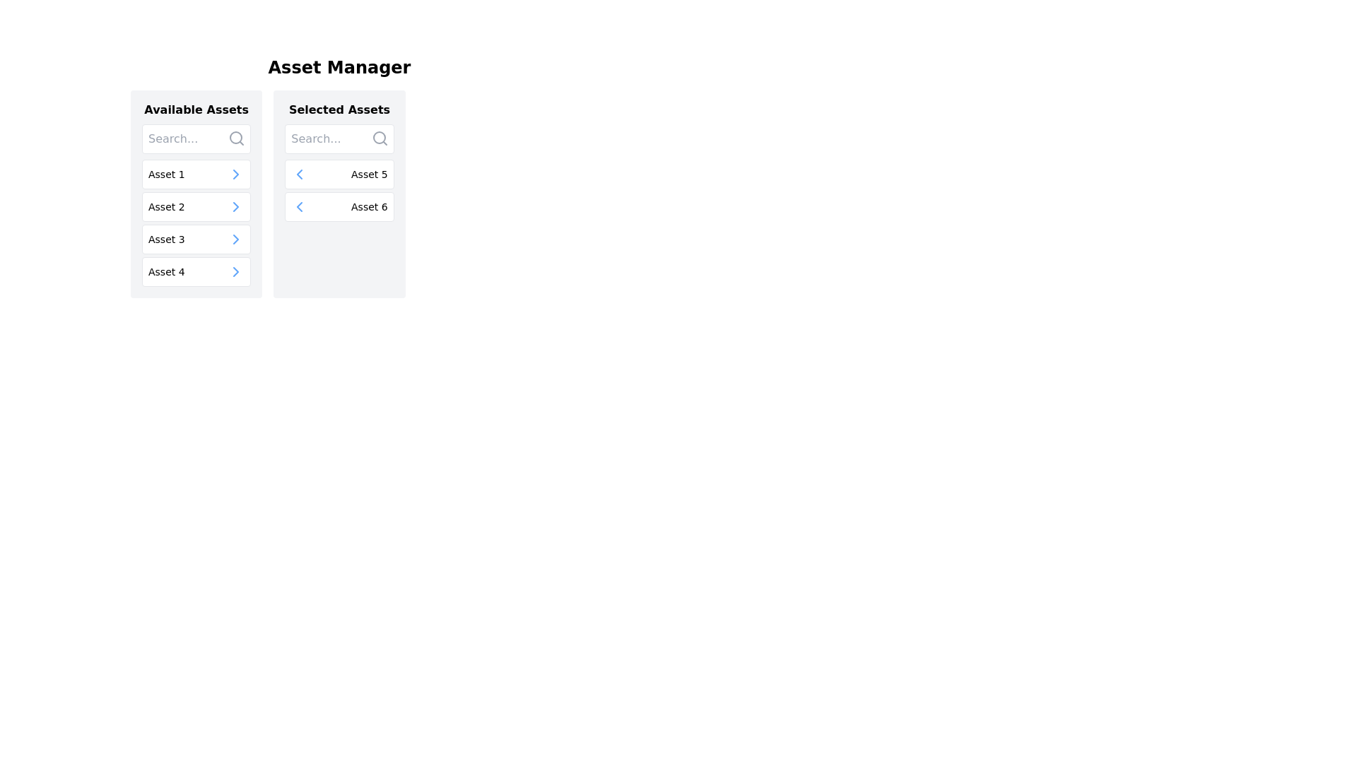 This screenshot has width=1357, height=763. What do you see at coordinates (236, 272) in the screenshot?
I see `the rightward arrow icon located at the far right of the 'Asset 4' row in the 'Available Assets' column` at bounding box center [236, 272].